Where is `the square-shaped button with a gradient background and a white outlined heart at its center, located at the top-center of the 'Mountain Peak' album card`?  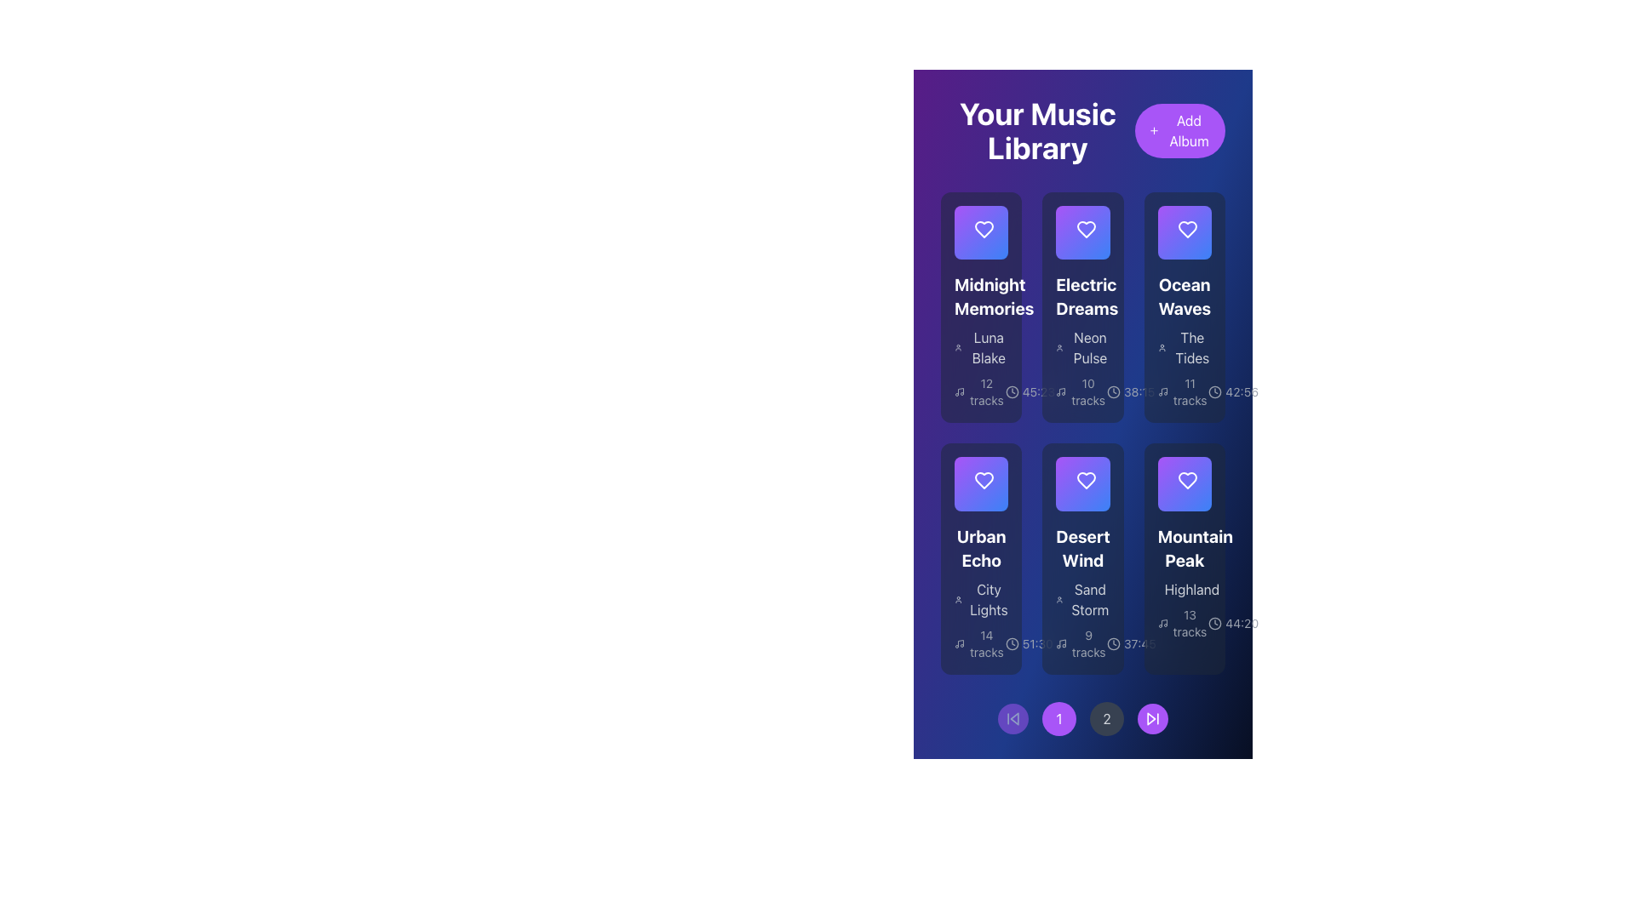
the square-shaped button with a gradient background and a white outlined heart at its center, located at the top-center of the 'Mountain Peak' album card is located at coordinates (1184, 484).